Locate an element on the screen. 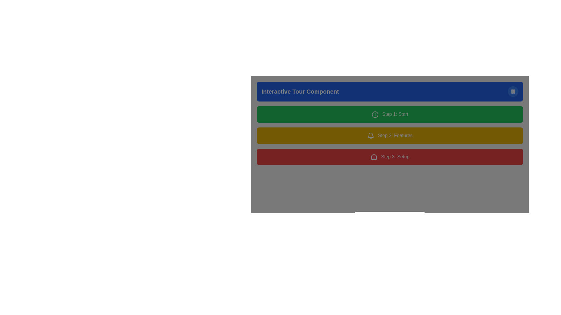 The width and height of the screenshot is (561, 315). the rectangular yellow button with white text labeled 'Step 2: Features' and a bell icon is located at coordinates (390, 136).